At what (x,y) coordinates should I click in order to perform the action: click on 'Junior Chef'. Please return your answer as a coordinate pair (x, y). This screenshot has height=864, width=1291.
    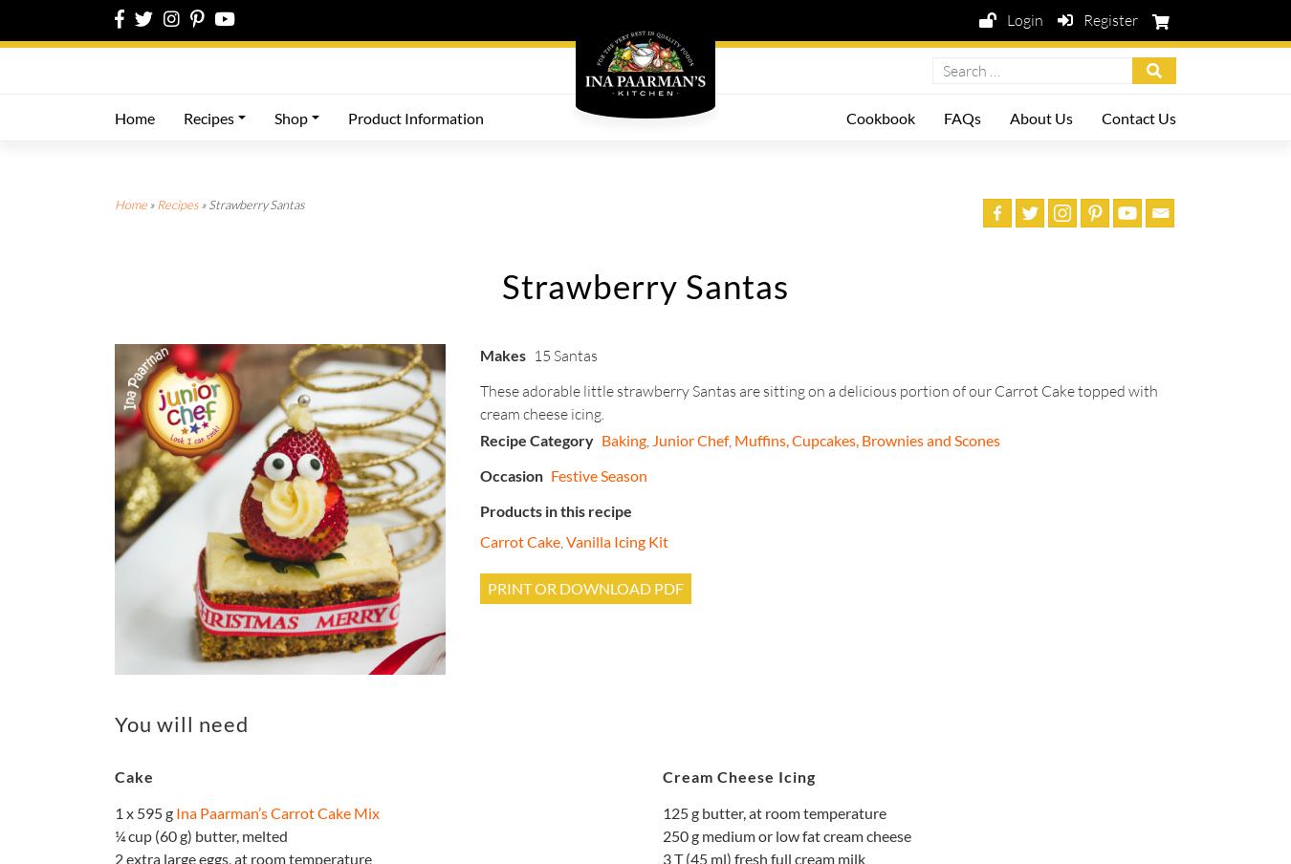
    Looking at the image, I should click on (689, 439).